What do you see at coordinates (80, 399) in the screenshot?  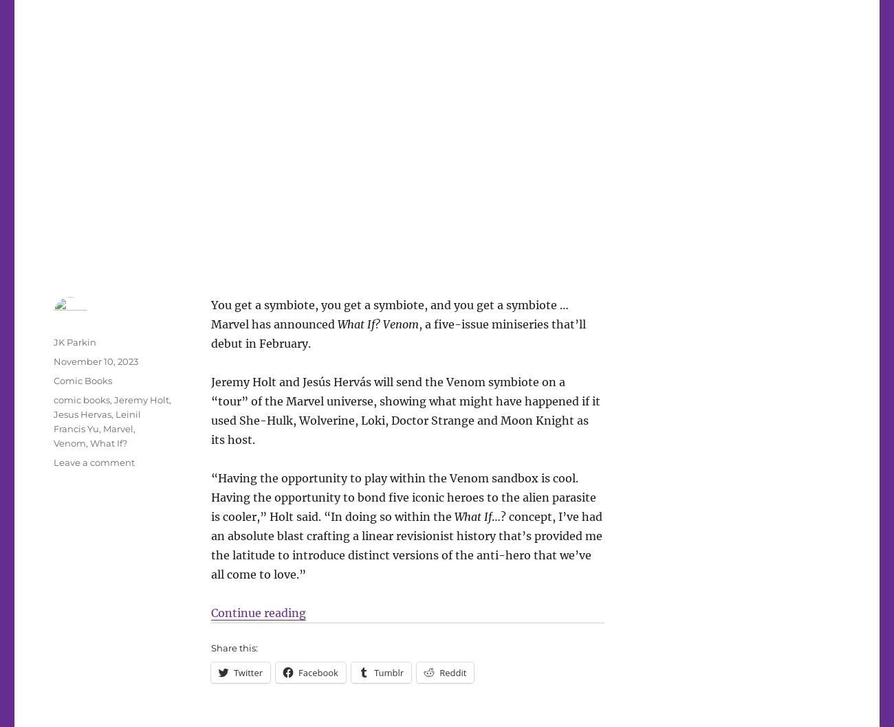 I see `'comic books'` at bounding box center [80, 399].